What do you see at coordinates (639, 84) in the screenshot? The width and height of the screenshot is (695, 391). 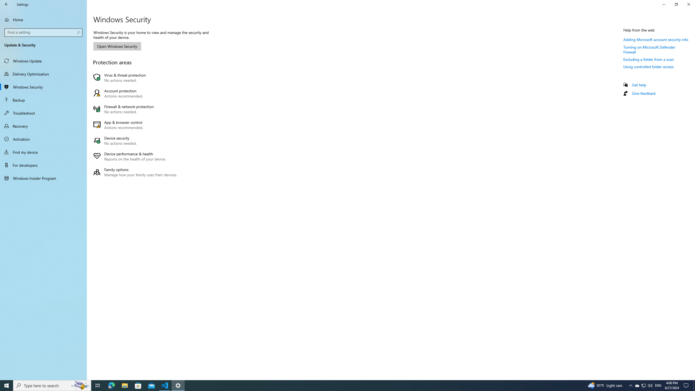 I see `'Get help'` at bounding box center [639, 84].